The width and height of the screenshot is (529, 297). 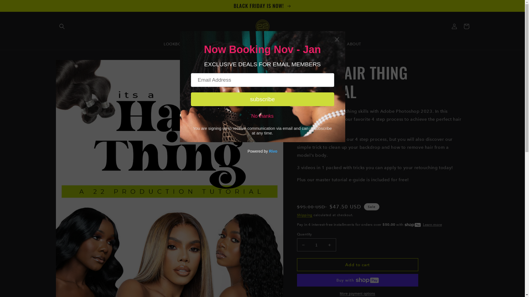 I want to click on 'Decrease quantity for IT&#39;S A HAIR THING TUTORIAL', so click(x=303, y=244).